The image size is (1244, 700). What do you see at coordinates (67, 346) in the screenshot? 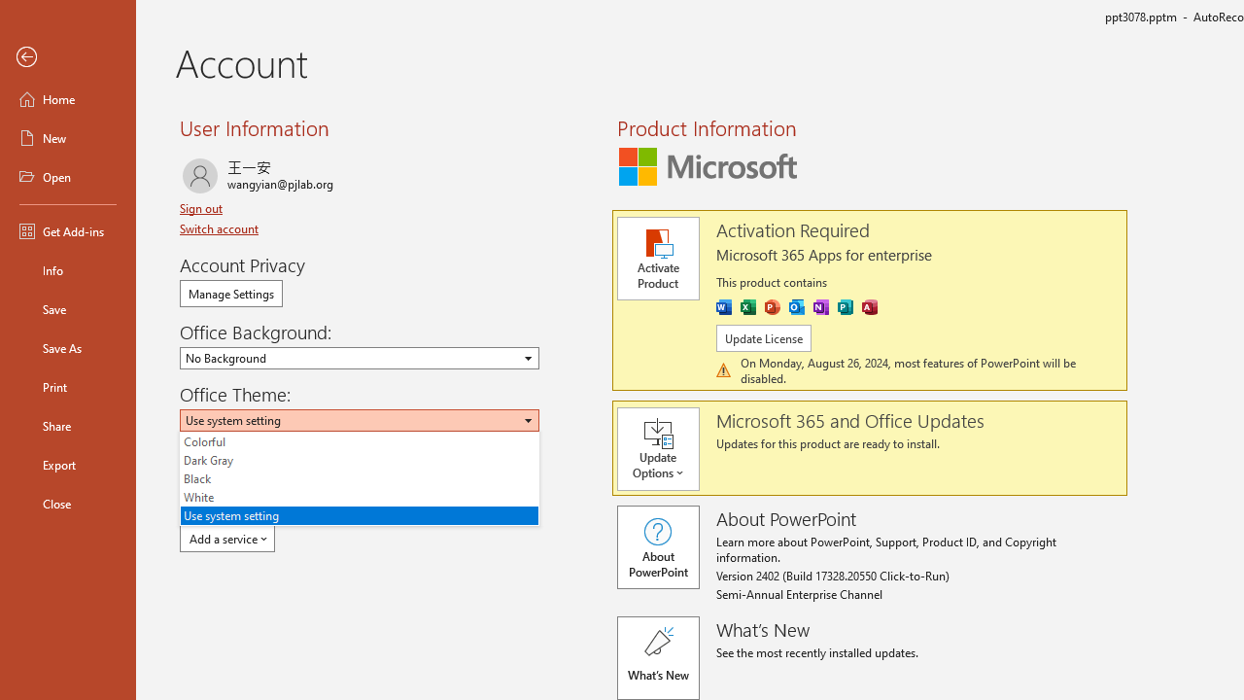
I see `'Save As'` at bounding box center [67, 346].